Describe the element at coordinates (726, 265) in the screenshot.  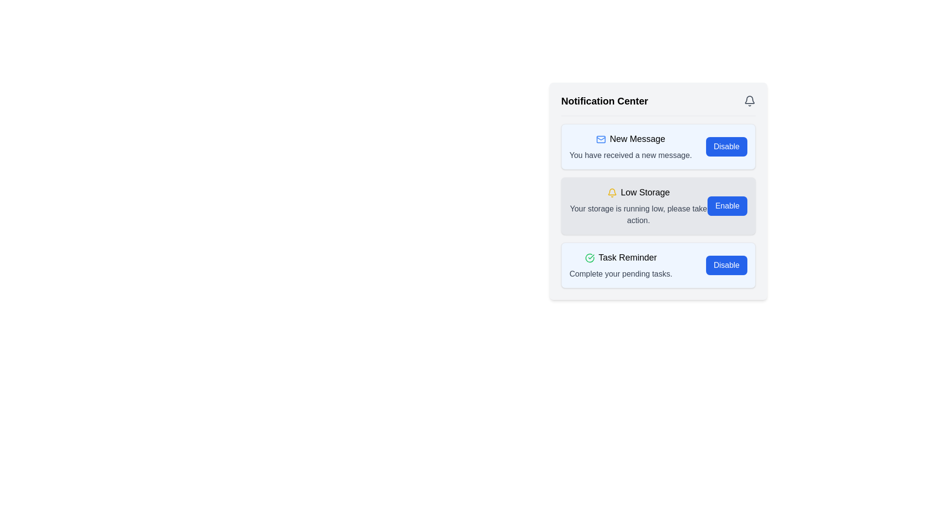
I see `the rounded rectangular button labeled 'Disable' in the lower-right corner of the 'Task Reminder' notification card` at that location.